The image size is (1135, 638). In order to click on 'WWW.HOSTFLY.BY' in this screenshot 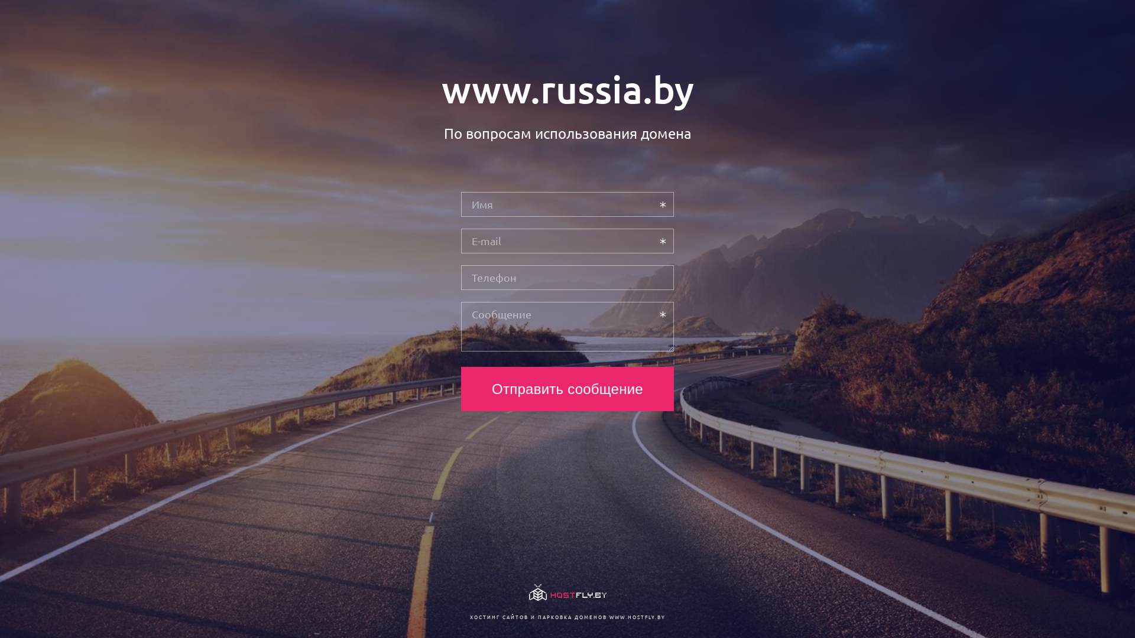, I will do `click(636, 616)`.